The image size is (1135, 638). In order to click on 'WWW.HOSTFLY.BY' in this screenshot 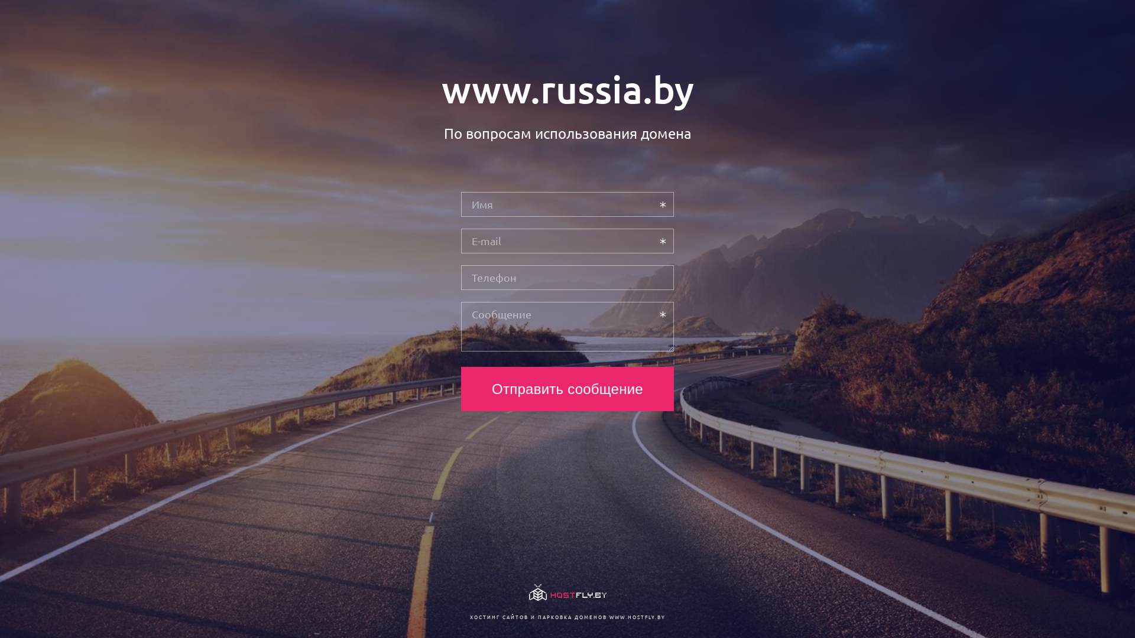, I will do `click(636, 616)`.